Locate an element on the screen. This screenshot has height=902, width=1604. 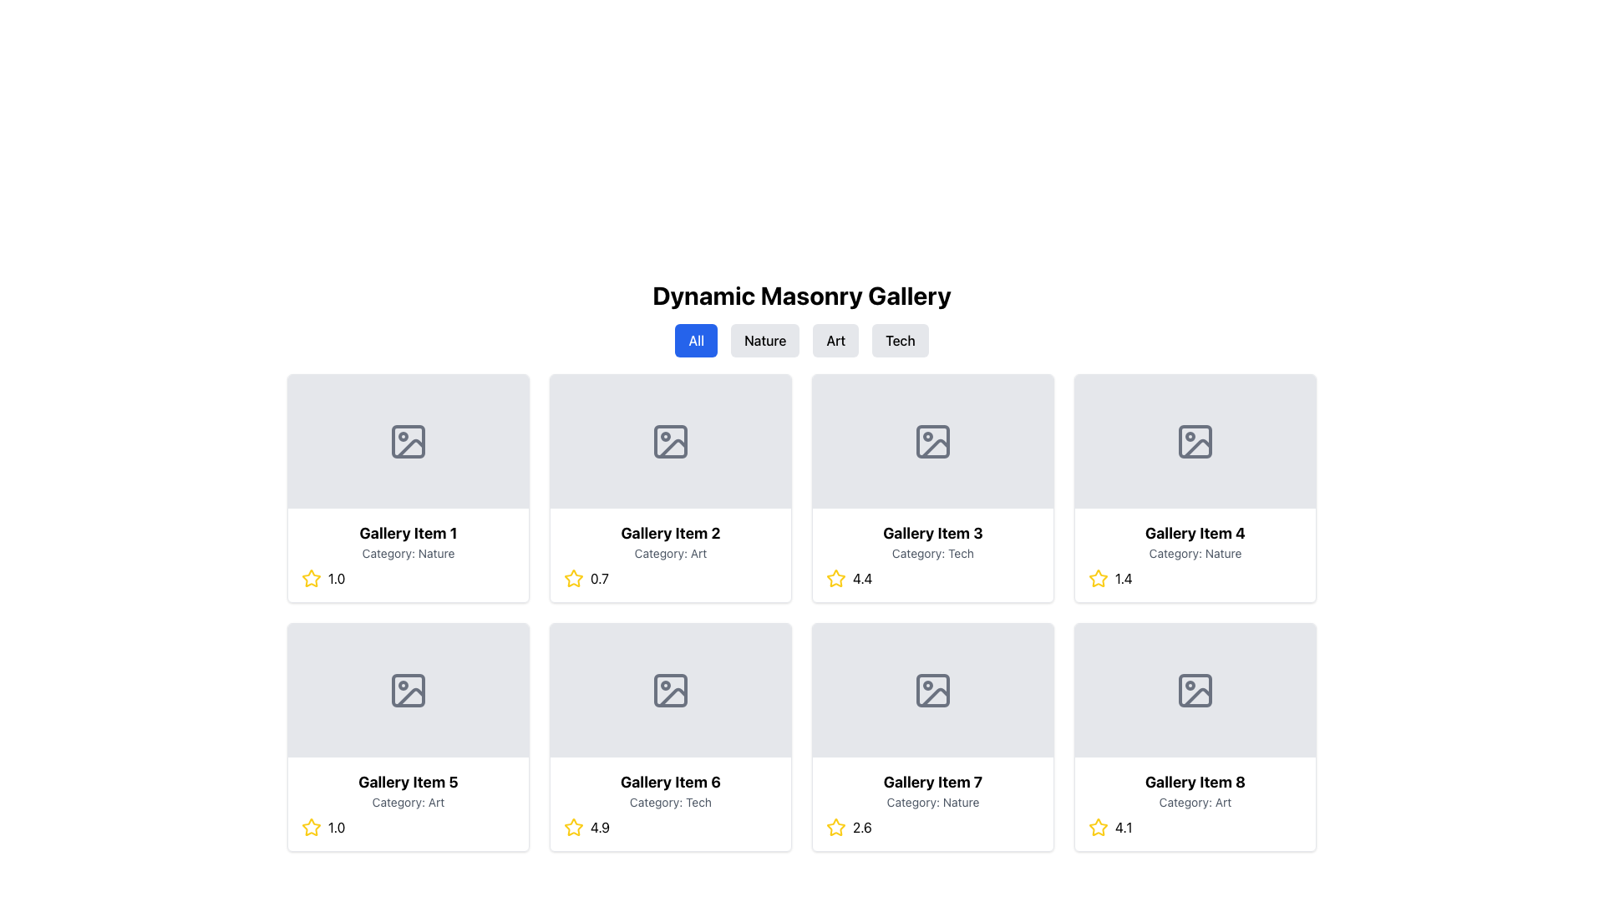
the star icon with a yellow outline located in the rating section of 'Gallery Item 8', positioned to the left of the numerical rating value '4.1' is located at coordinates (1099, 827).